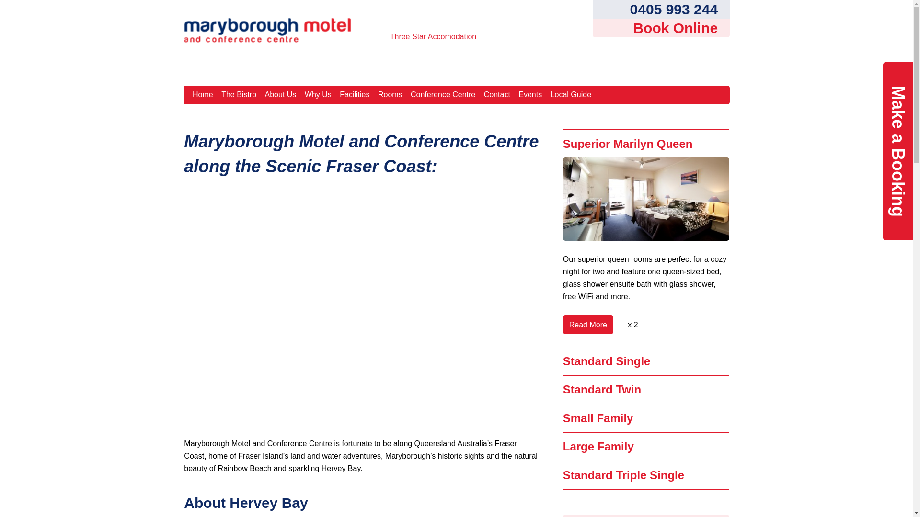 Image resolution: width=920 pixels, height=517 pixels. What do you see at coordinates (239, 95) in the screenshot?
I see `'The Bistro'` at bounding box center [239, 95].